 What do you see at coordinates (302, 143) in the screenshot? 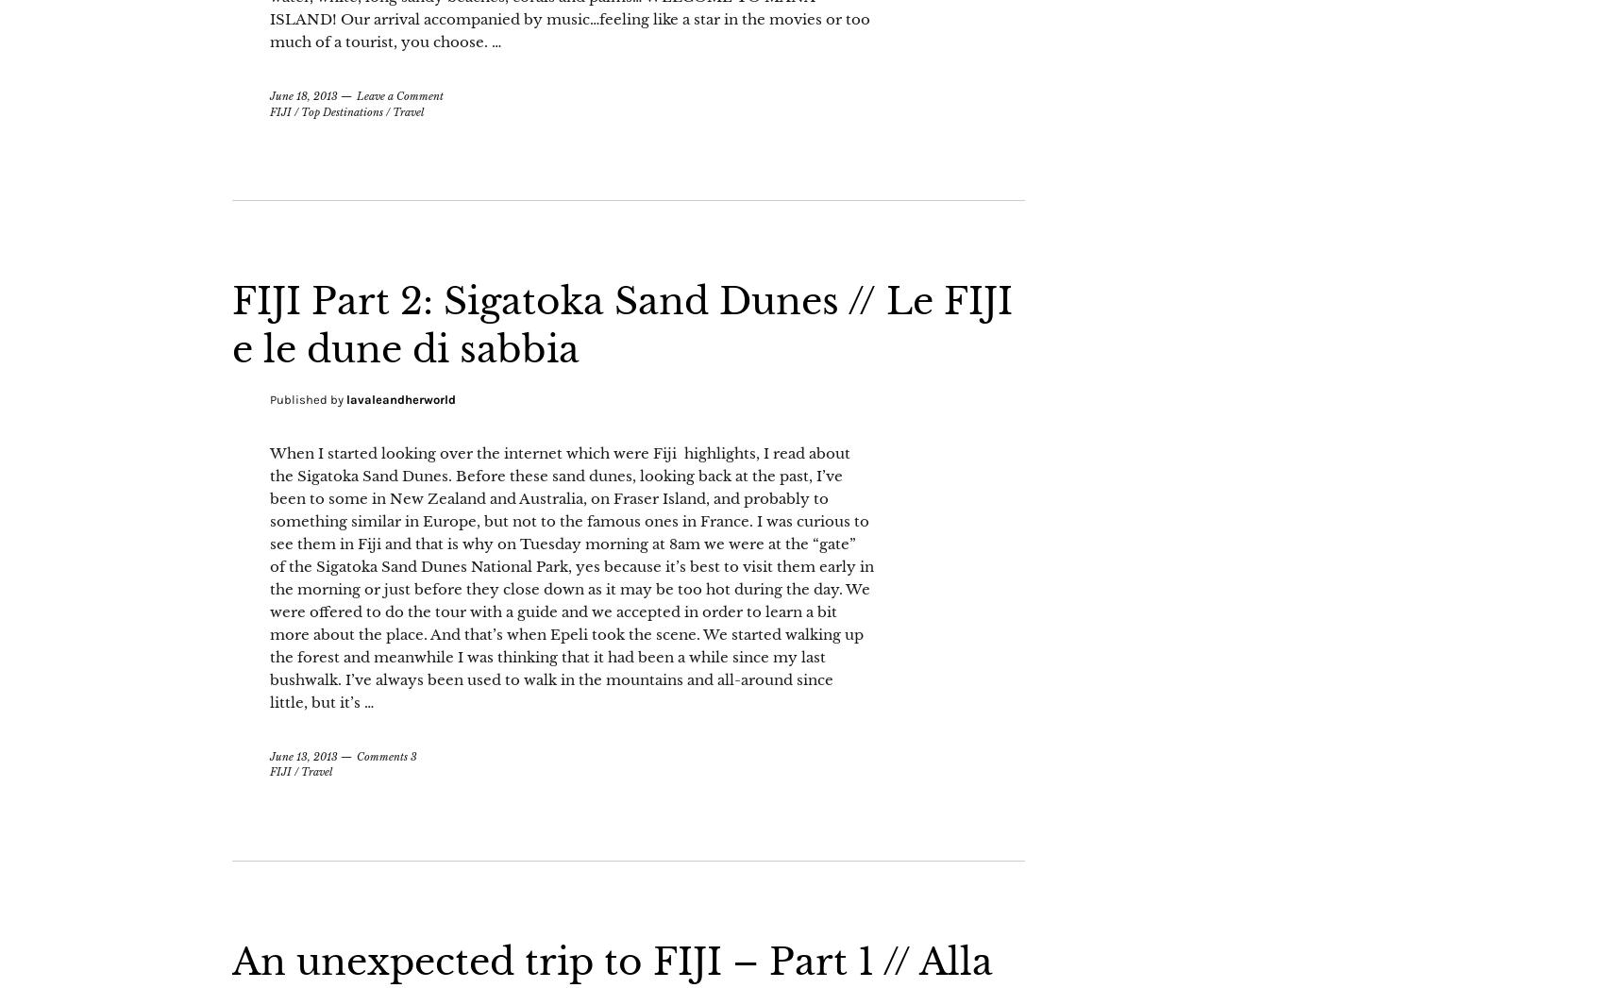
I see `'June 18, 2013'` at bounding box center [302, 143].